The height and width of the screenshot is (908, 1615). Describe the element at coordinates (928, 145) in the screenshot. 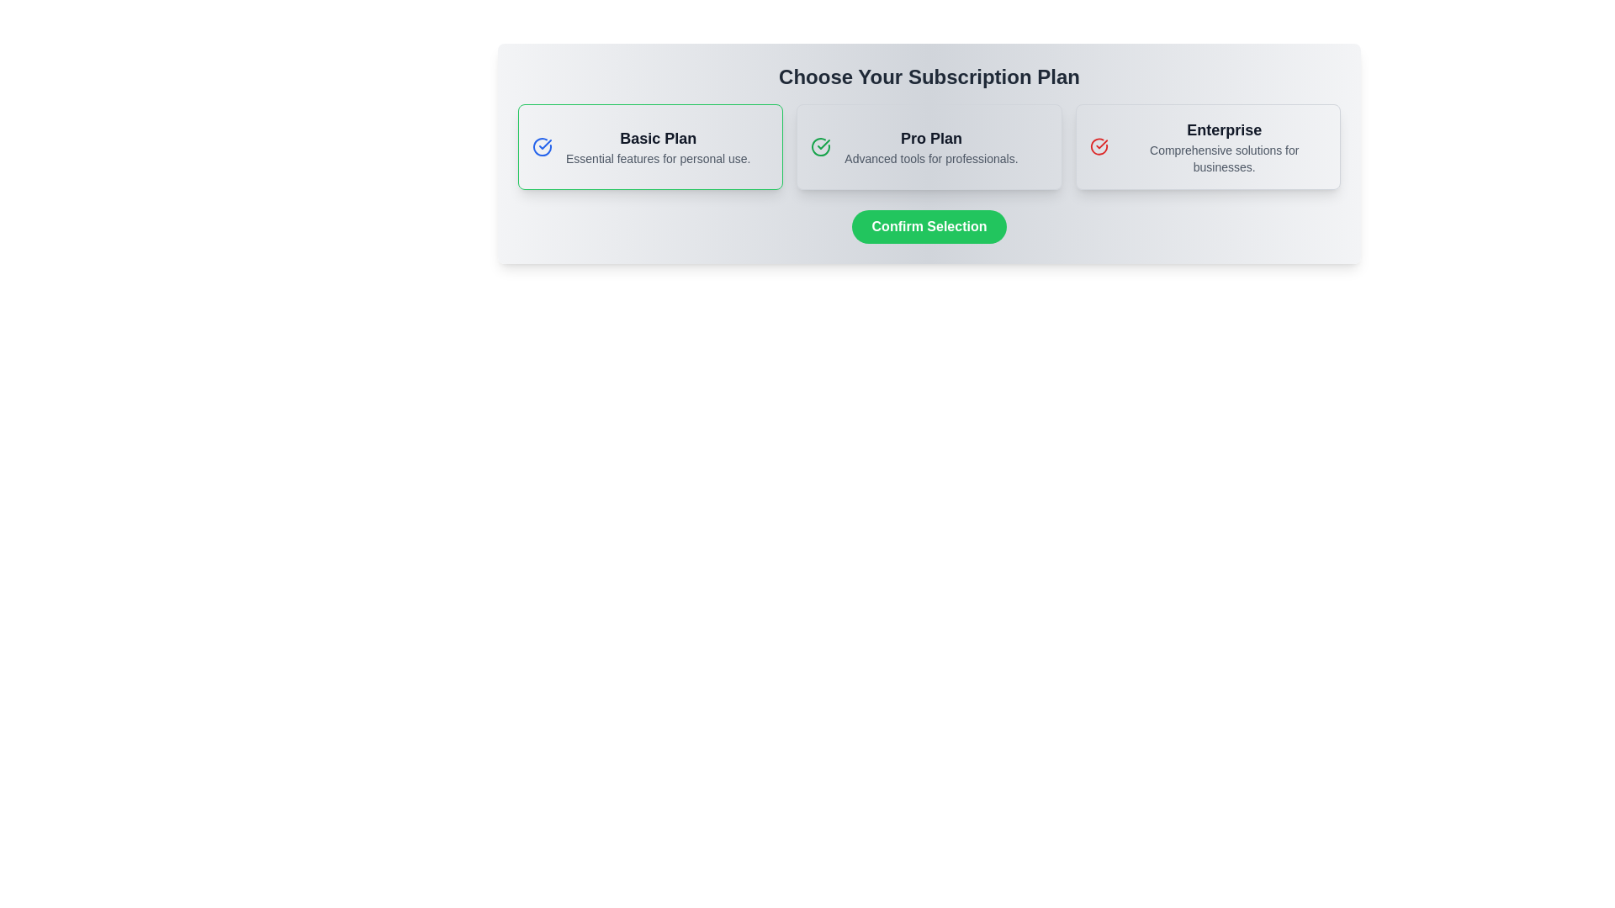

I see `the 'Pro Plan' subscription button, which features a green checkmark icon and bold text` at that location.